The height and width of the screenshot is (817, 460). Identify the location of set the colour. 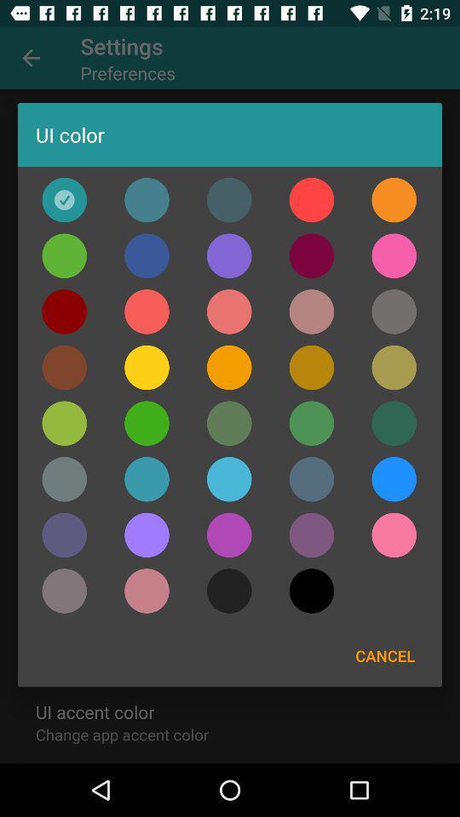
(229, 591).